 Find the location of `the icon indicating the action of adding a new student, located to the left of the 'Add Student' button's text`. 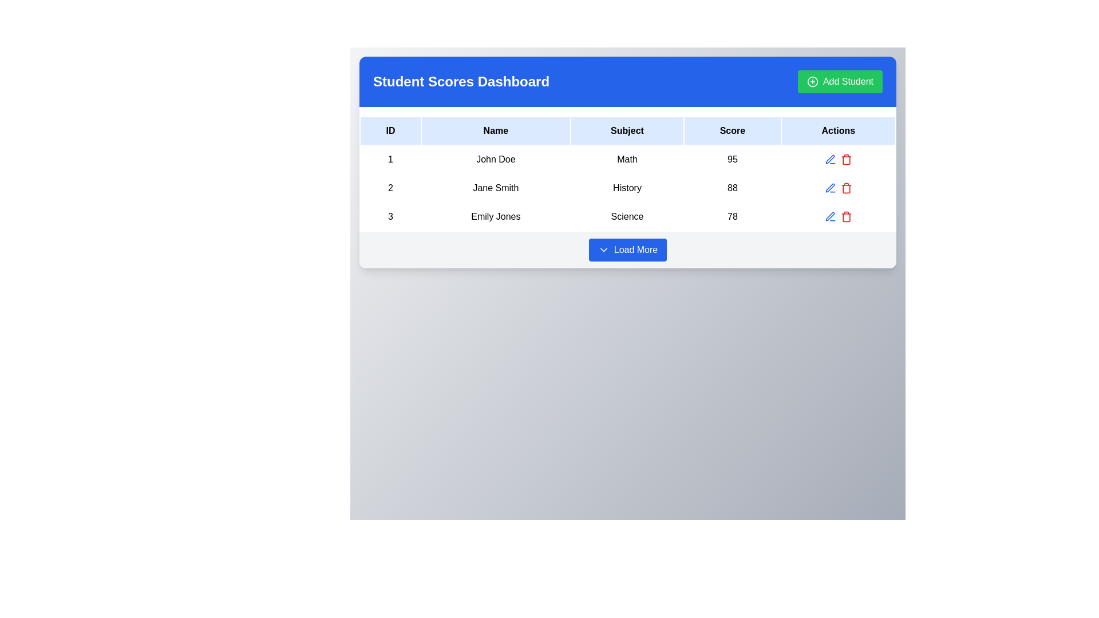

the icon indicating the action of adding a new student, located to the left of the 'Add Student' button's text is located at coordinates (812, 81).